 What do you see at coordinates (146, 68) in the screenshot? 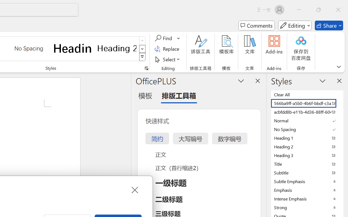
I see `'Styles...'` at bounding box center [146, 68].